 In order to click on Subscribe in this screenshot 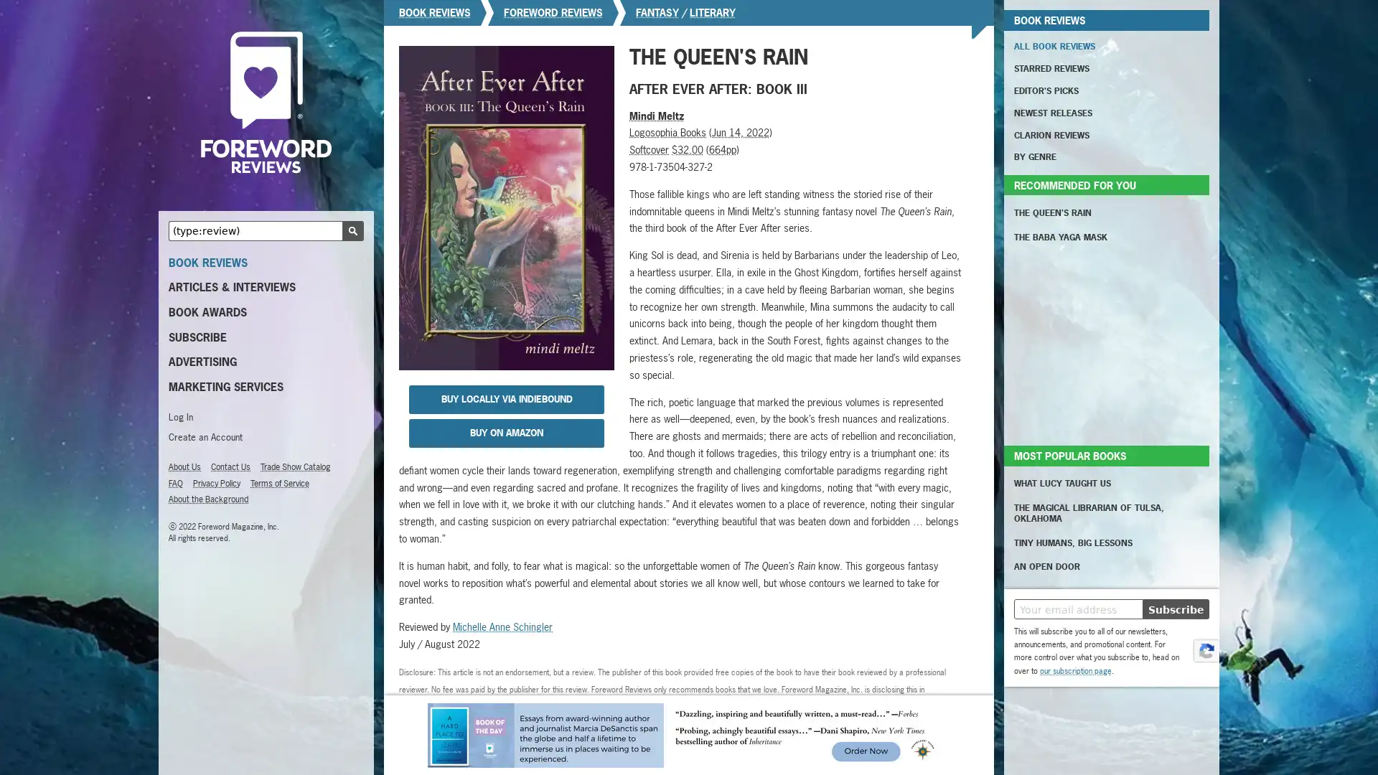, I will do `click(1176, 609)`.